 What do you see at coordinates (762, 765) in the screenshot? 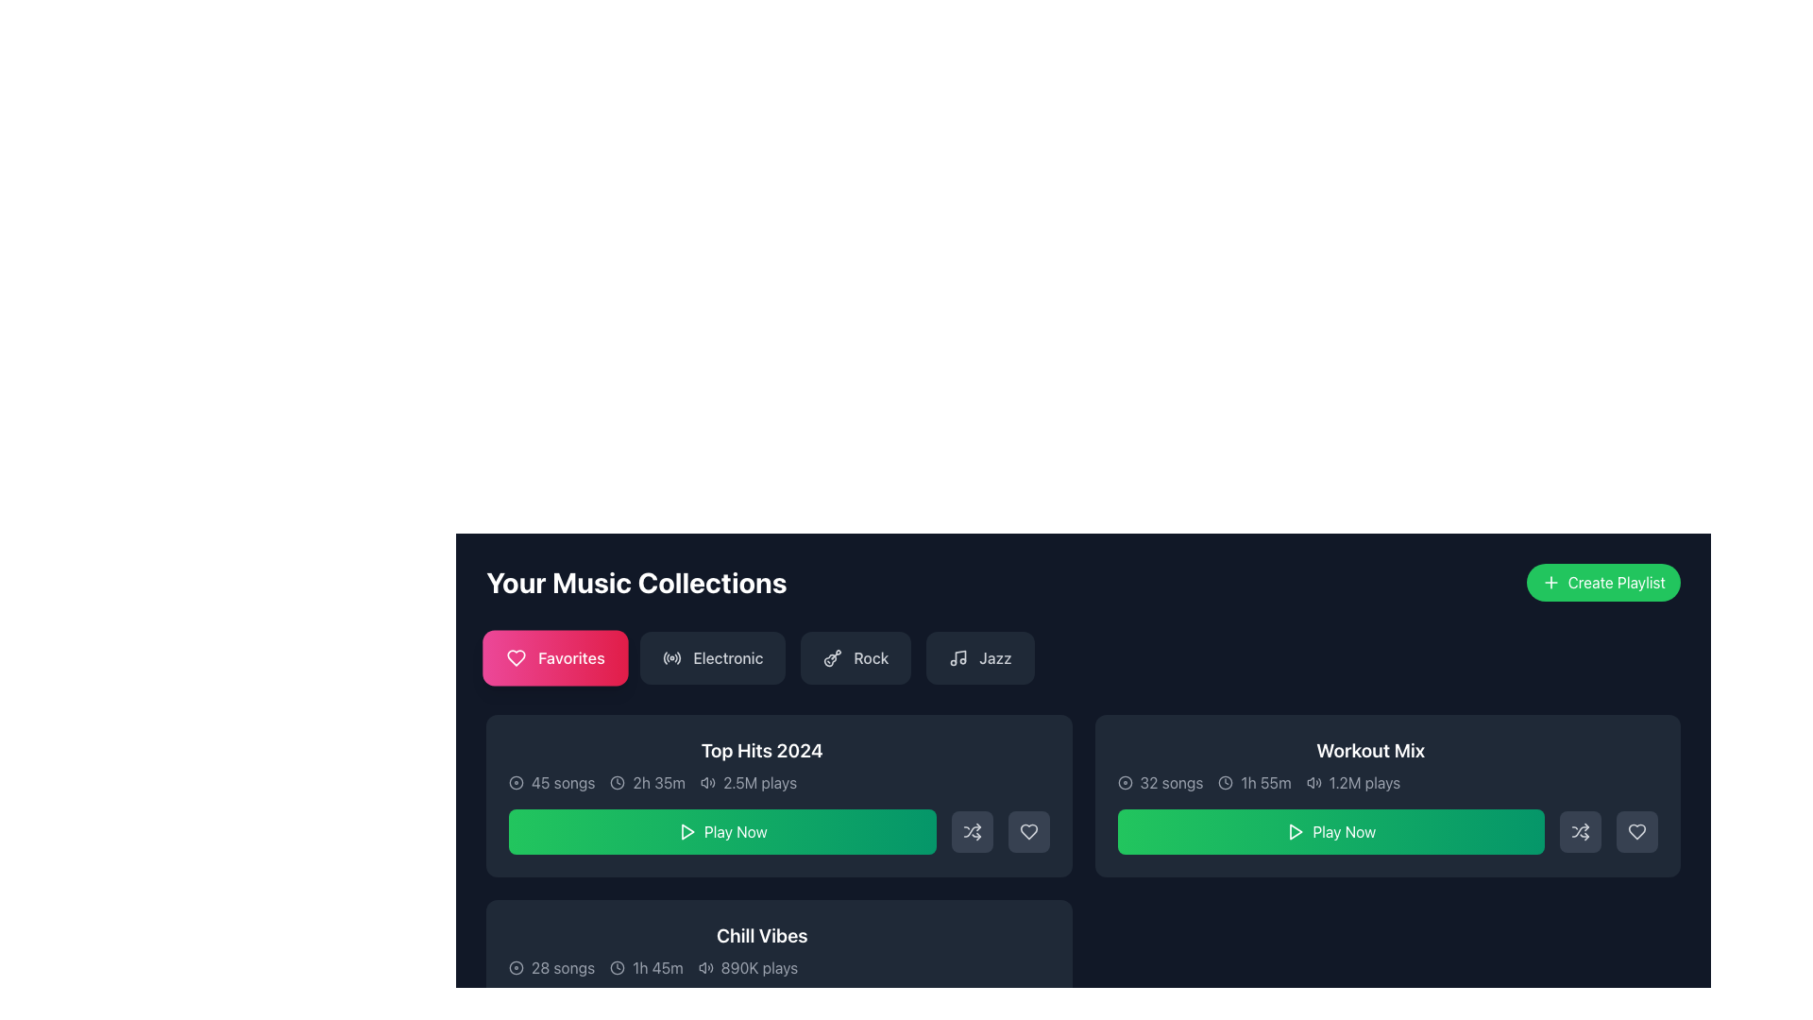
I see `the first card in the 'Your Music Collections' section that contains the playlist name, number of songs, total duration, and play count to focus on the playlist information` at bounding box center [762, 765].